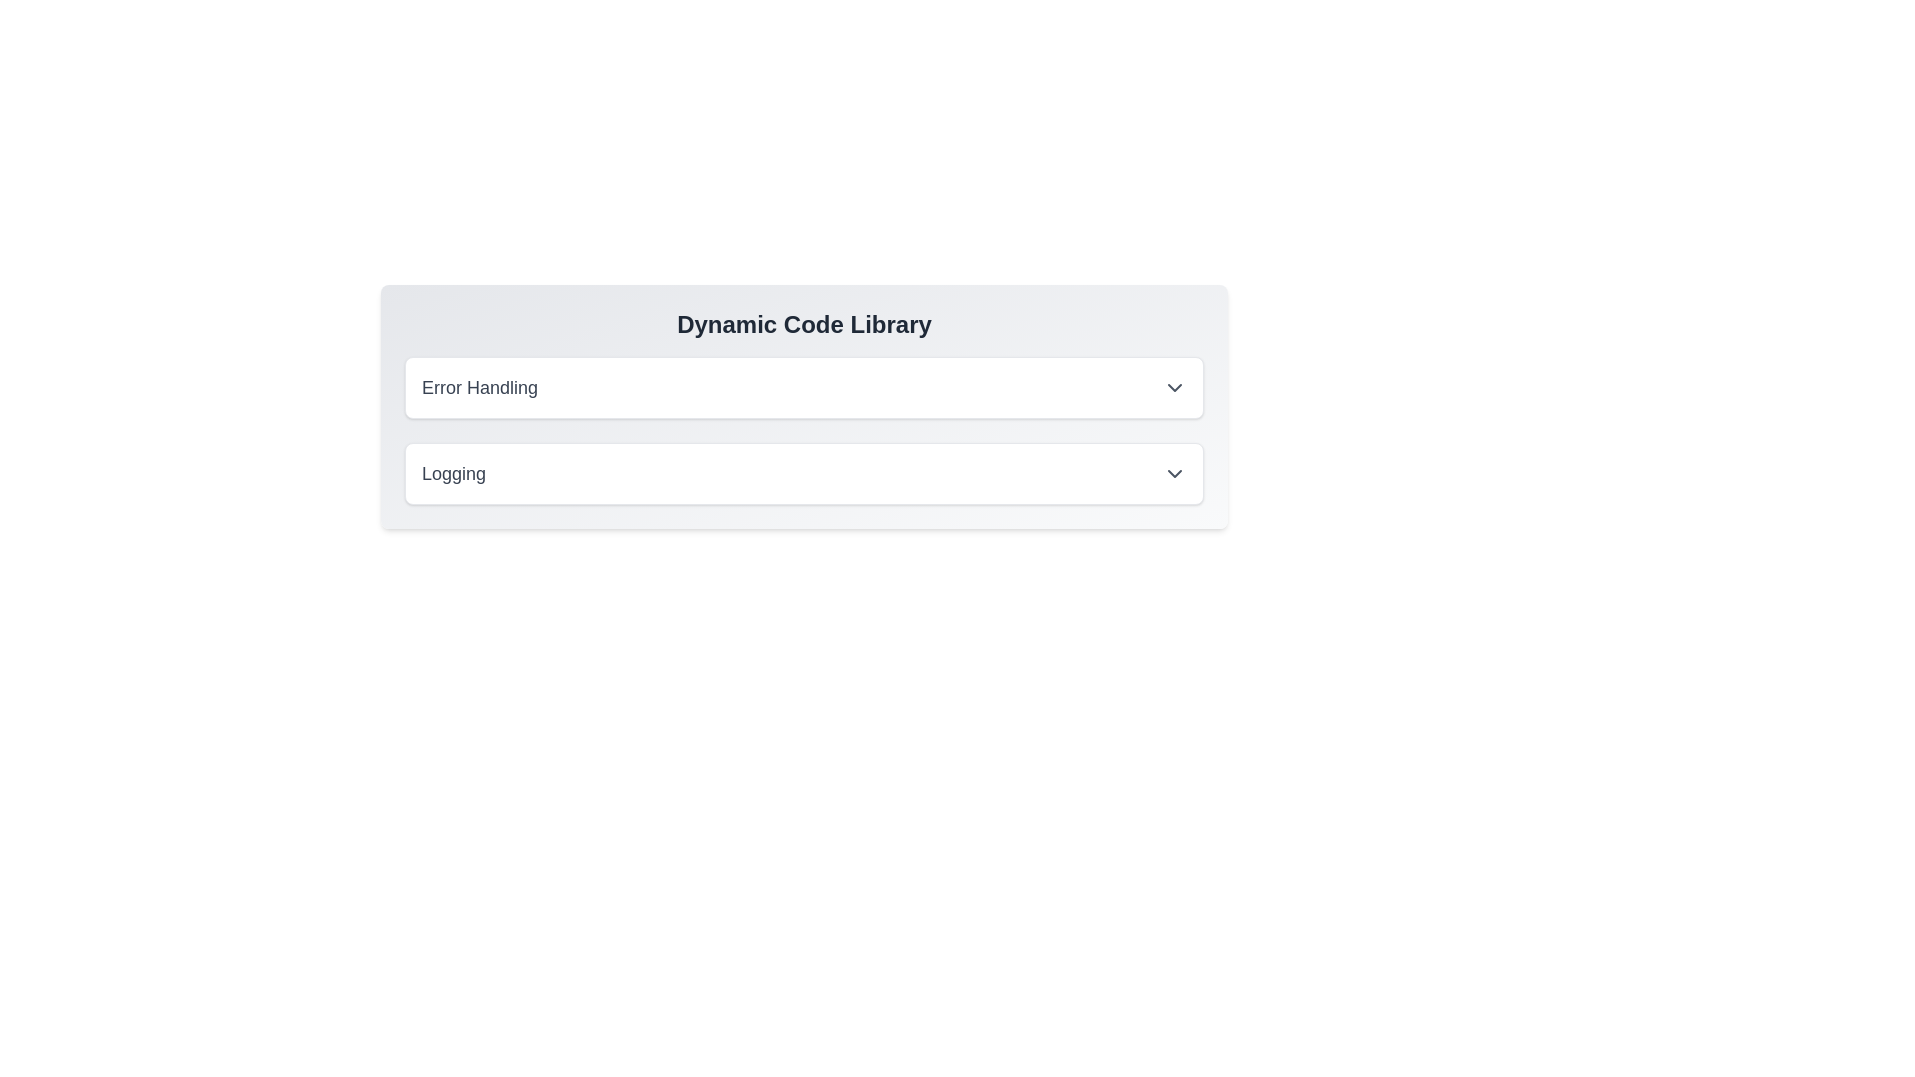  Describe the element at coordinates (804, 473) in the screenshot. I see `the second item in the dropdown menu, located below the 'Error Handling' item` at that location.